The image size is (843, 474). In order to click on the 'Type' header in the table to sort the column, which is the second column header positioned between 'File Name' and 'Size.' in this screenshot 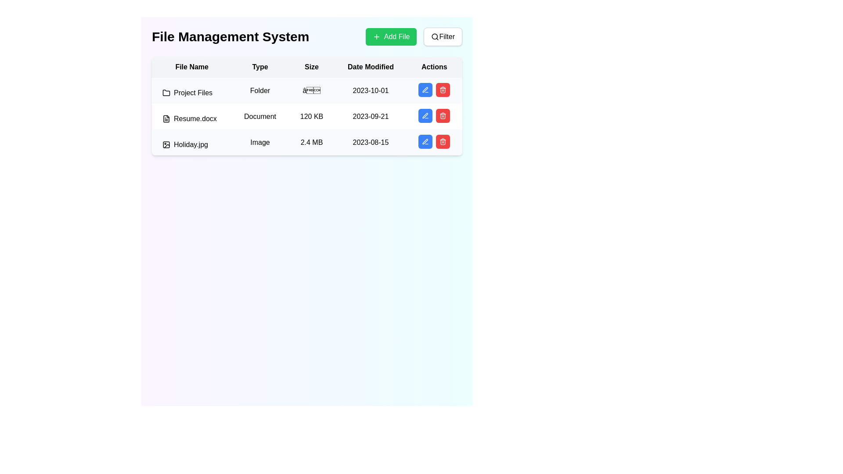, I will do `click(259, 67)`.